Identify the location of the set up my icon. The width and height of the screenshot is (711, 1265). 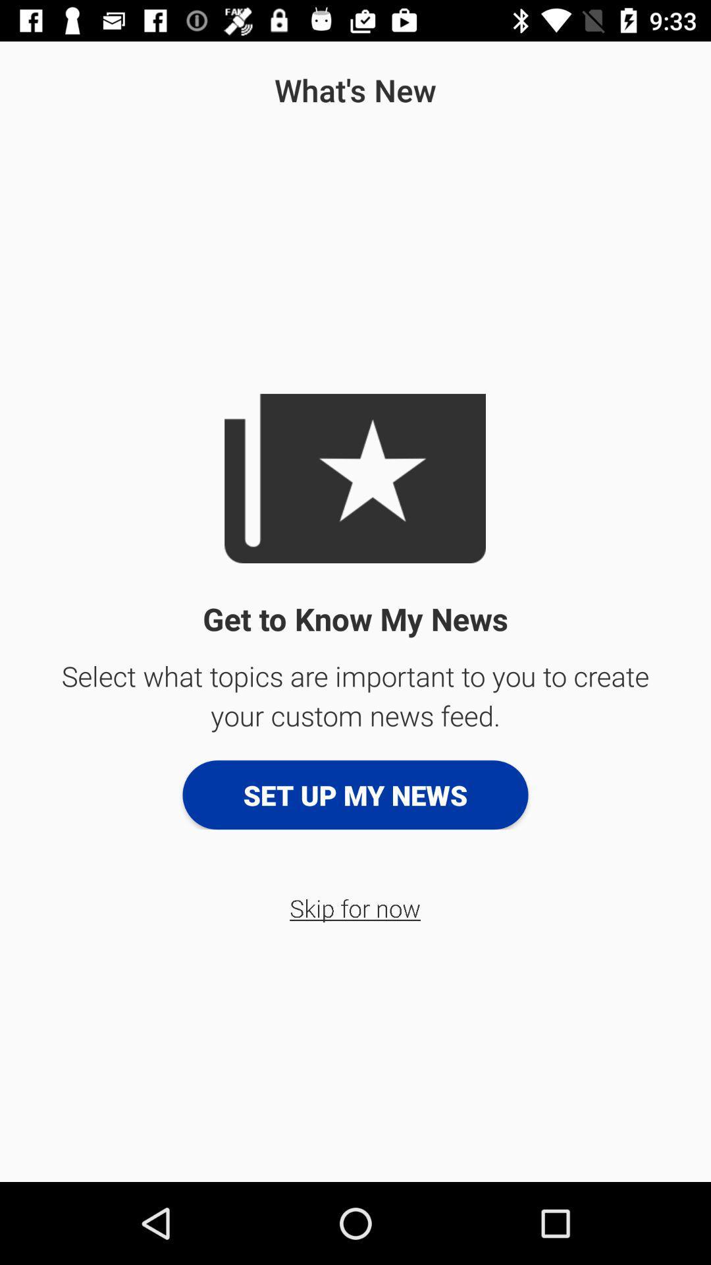
(355, 794).